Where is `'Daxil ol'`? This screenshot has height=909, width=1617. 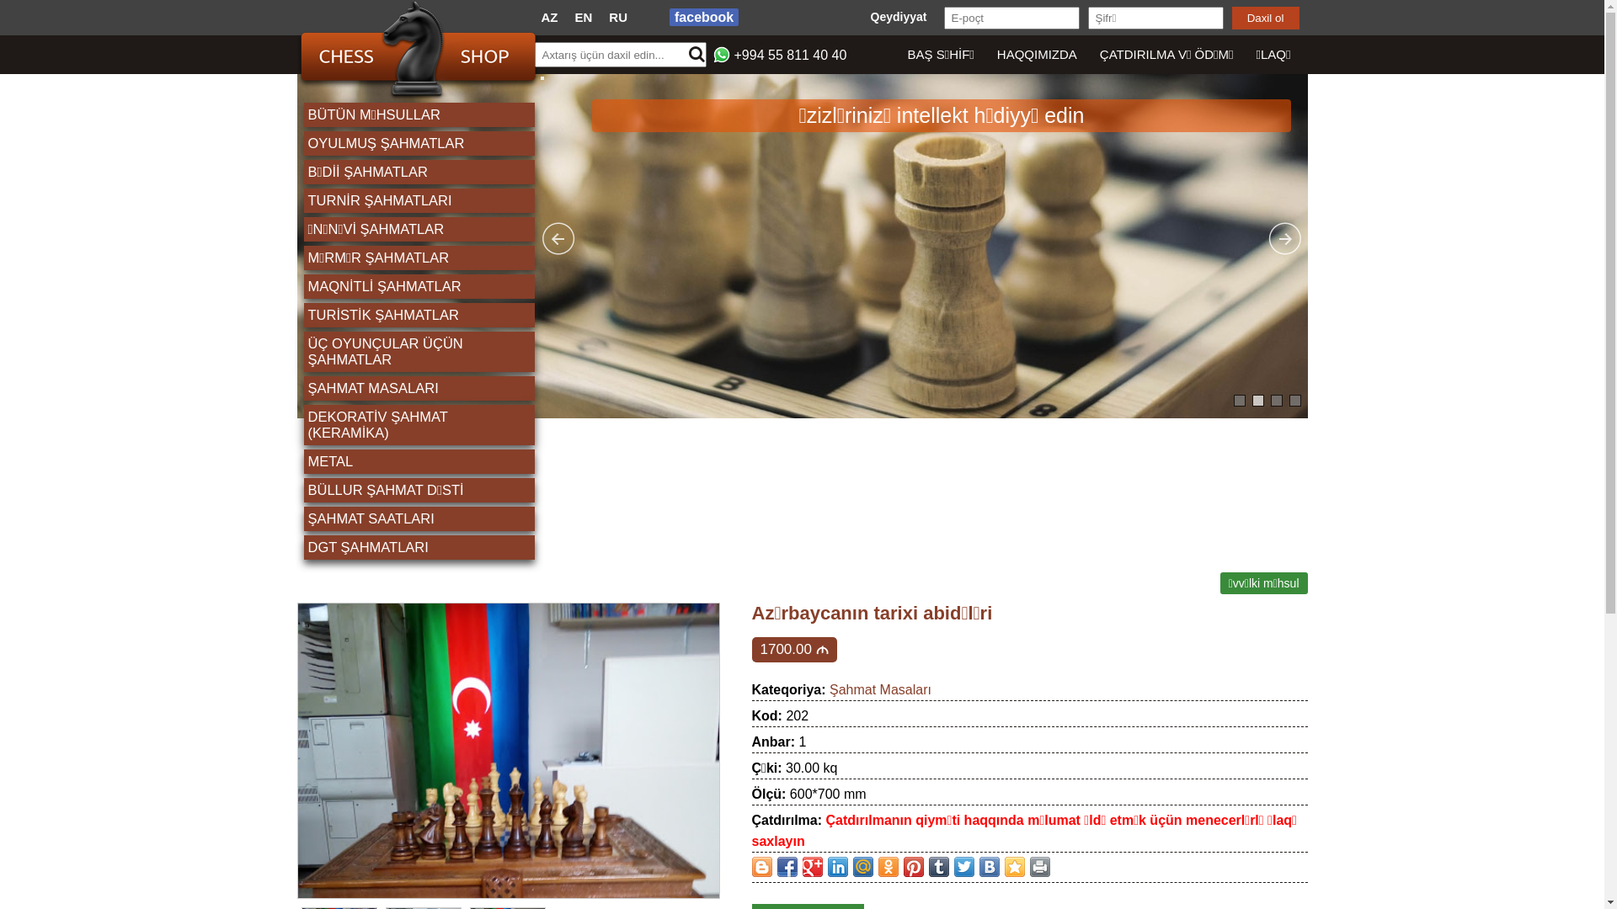
'Daxil ol' is located at coordinates (1231, 18).